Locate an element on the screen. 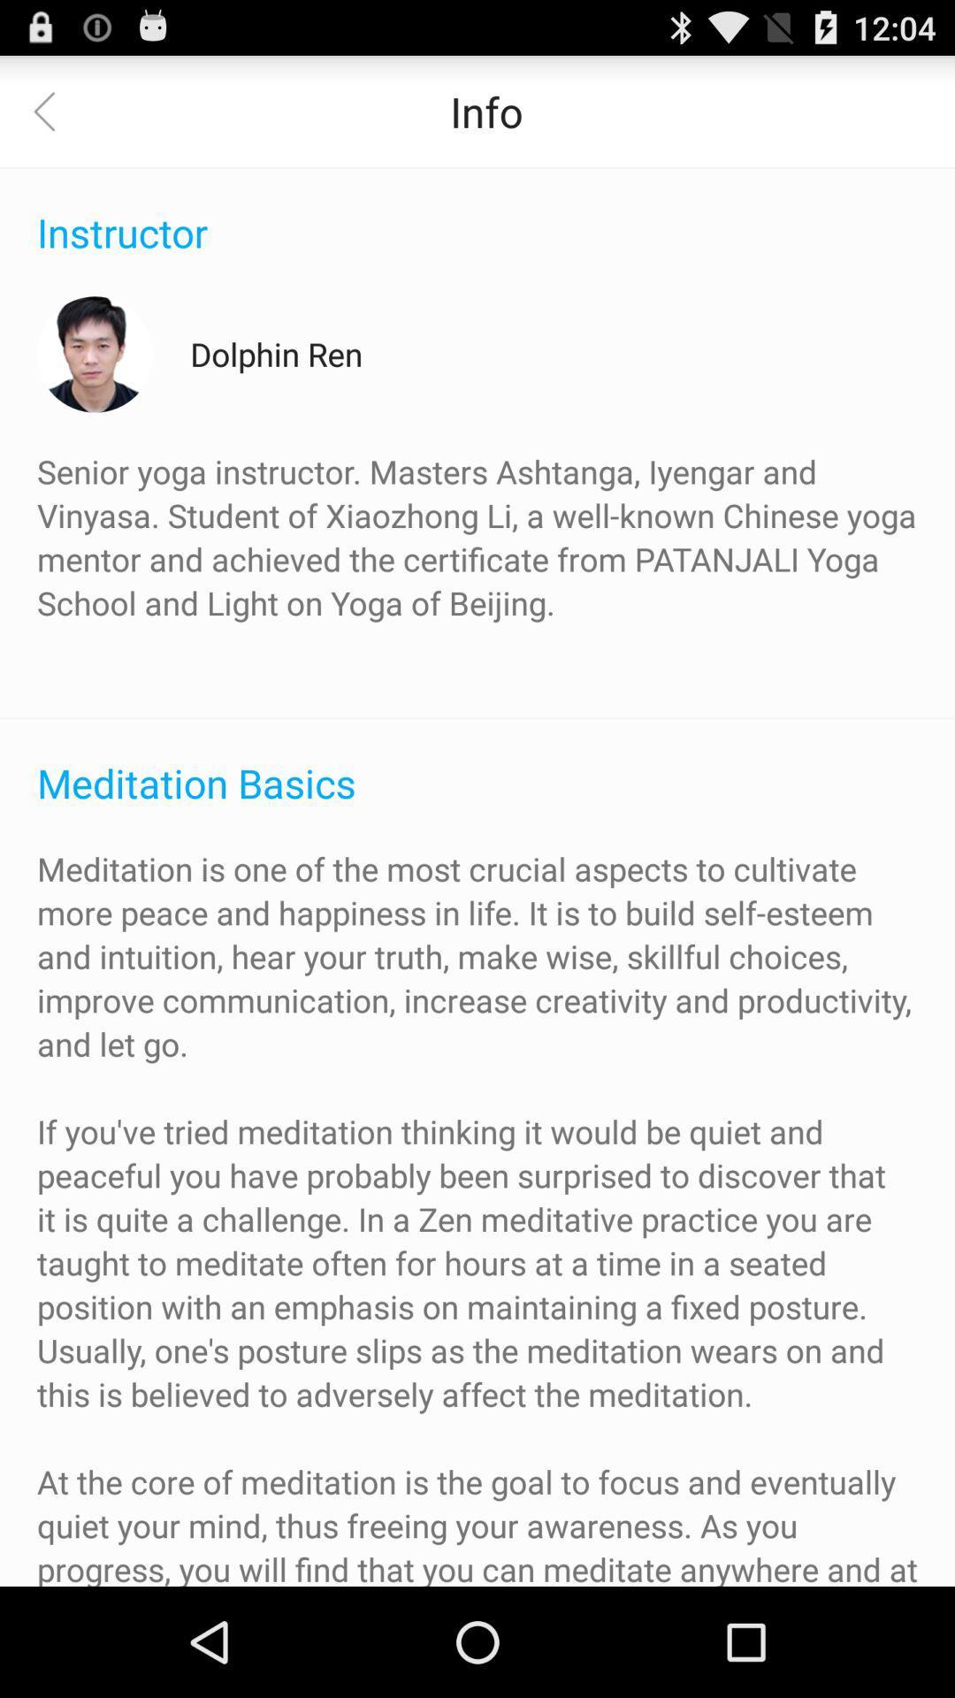 This screenshot has height=1698, width=955. the item to the left of info item is located at coordinates (54, 110).